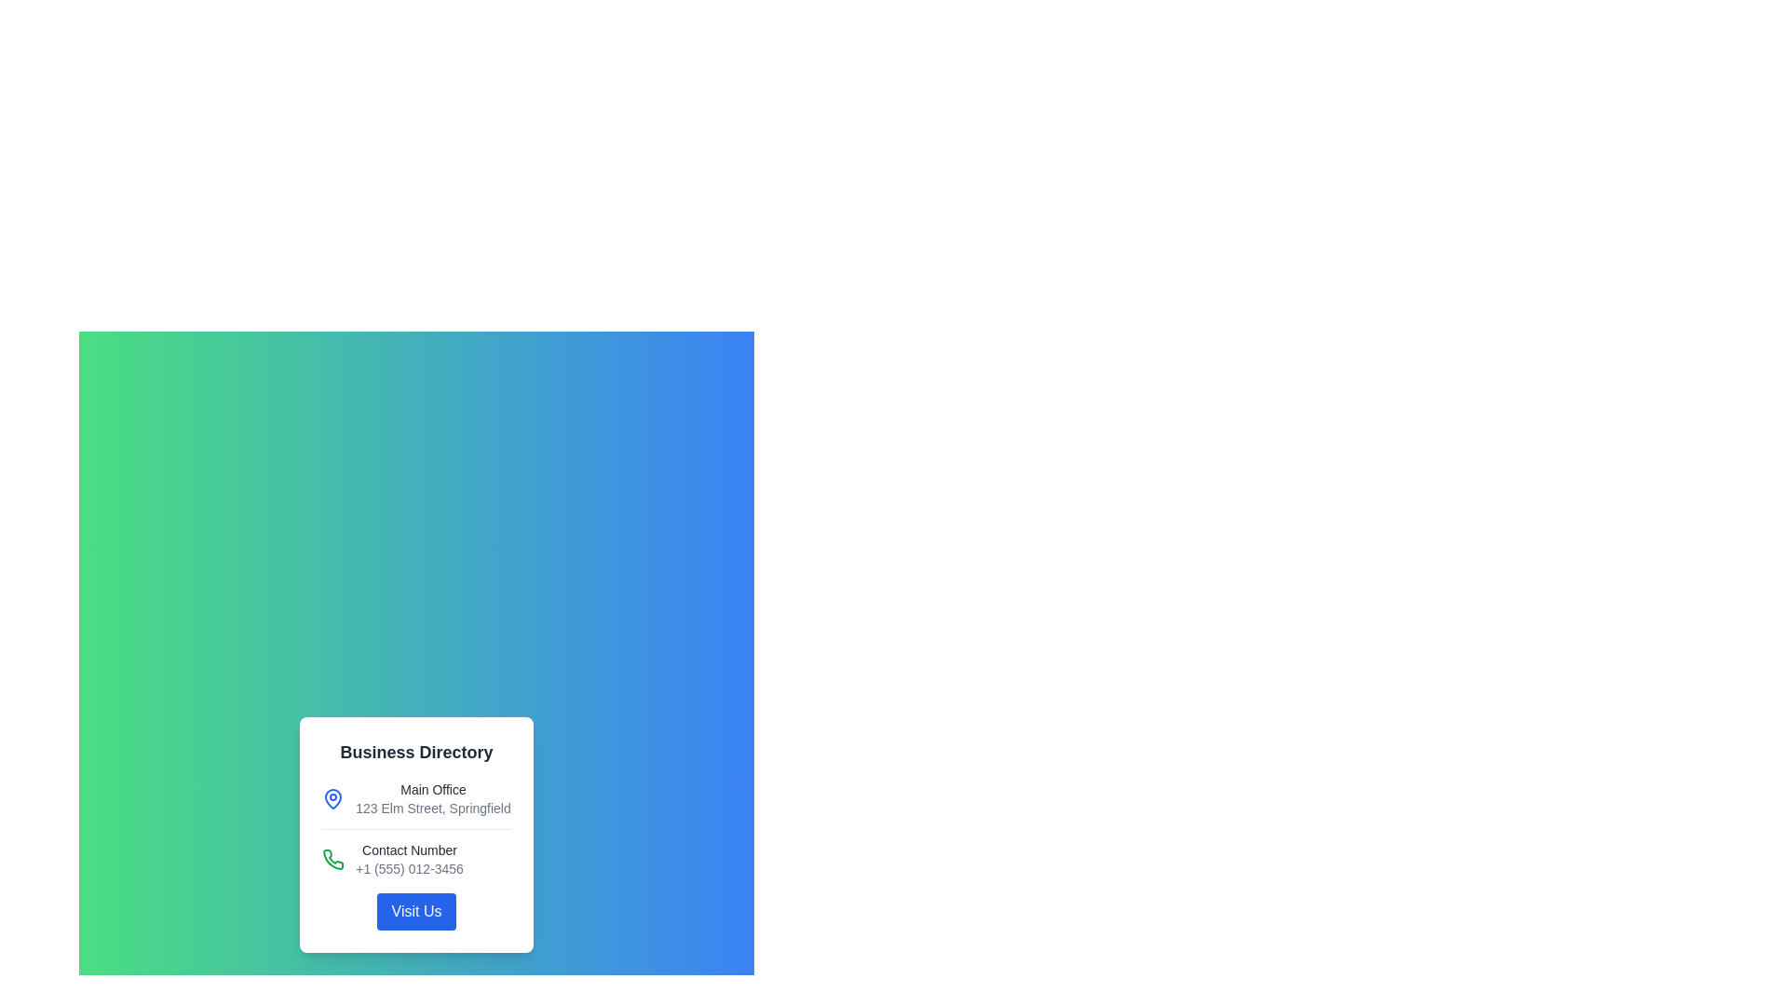 This screenshot has height=1006, width=1788. Describe the element at coordinates (432, 789) in the screenshot. I see `the Static Text element labeled 'Main Office', which is styled in a small bold dark gray font and located in the 'Business Directory' section of the interface` at that location.